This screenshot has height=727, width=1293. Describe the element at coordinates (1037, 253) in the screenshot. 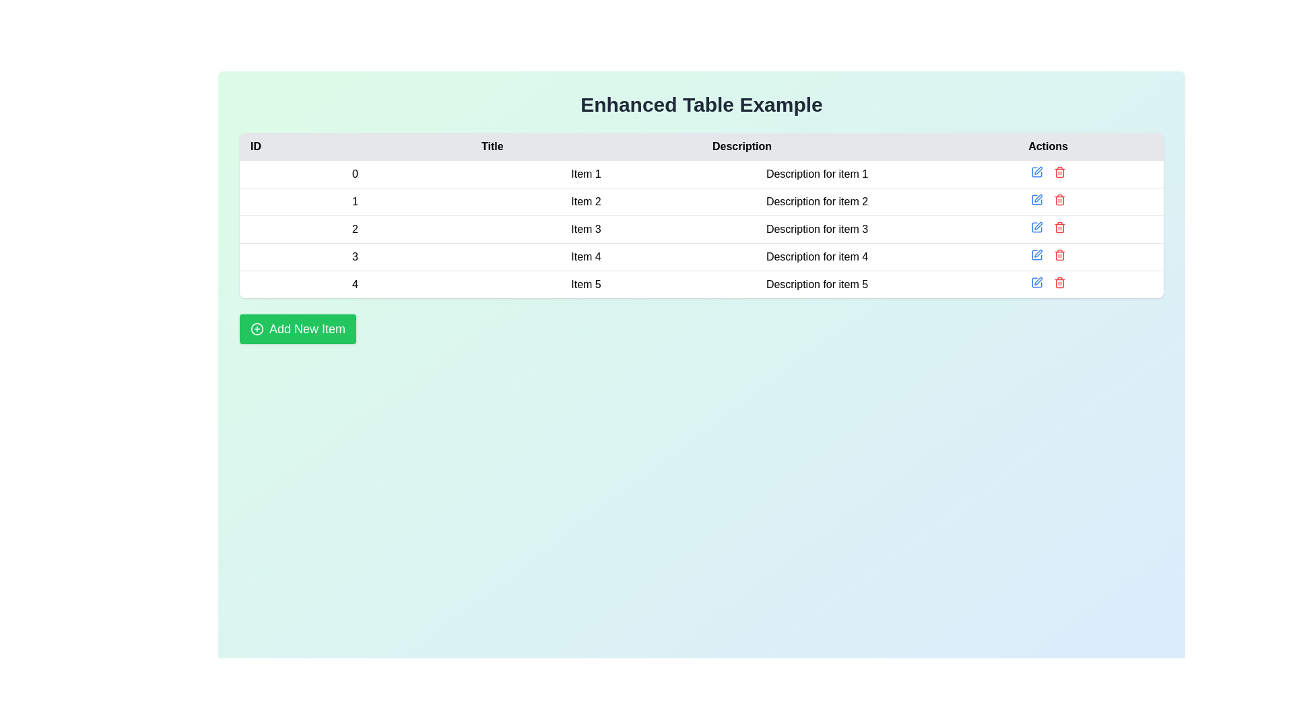

I see `the small pencil icon in the 'Actions' column, fourth row of the table for 'Item 4'` at that location.